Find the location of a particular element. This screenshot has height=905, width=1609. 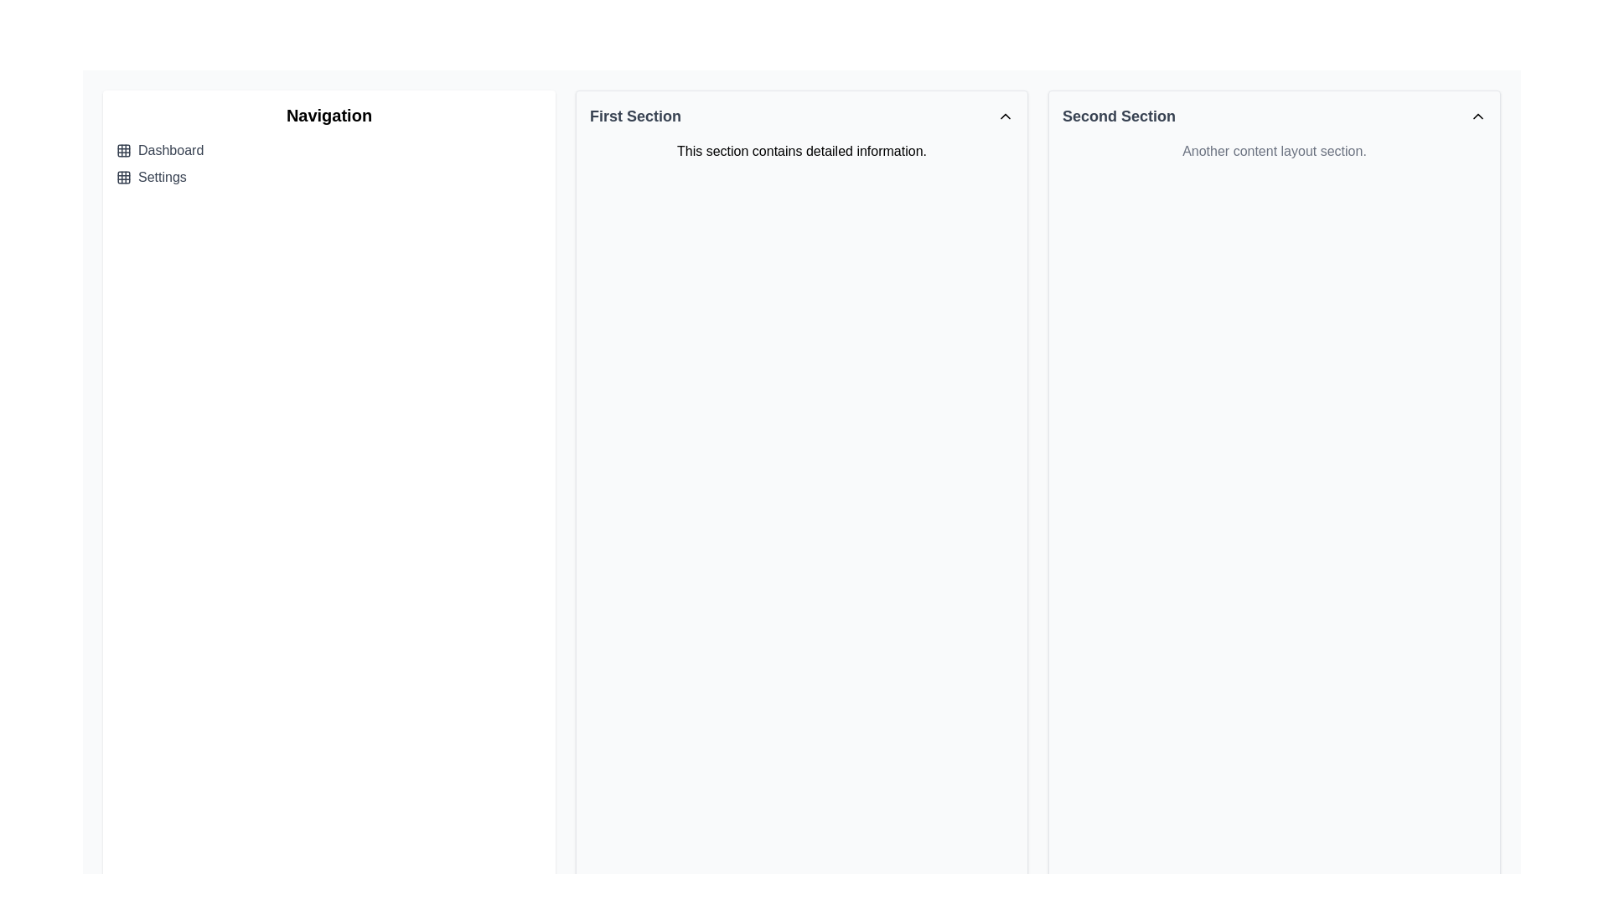

the grid icon located in the left navigation sidebar, which is positioned next to the 'Settings' menu item label is located at coordinates (123, 178).